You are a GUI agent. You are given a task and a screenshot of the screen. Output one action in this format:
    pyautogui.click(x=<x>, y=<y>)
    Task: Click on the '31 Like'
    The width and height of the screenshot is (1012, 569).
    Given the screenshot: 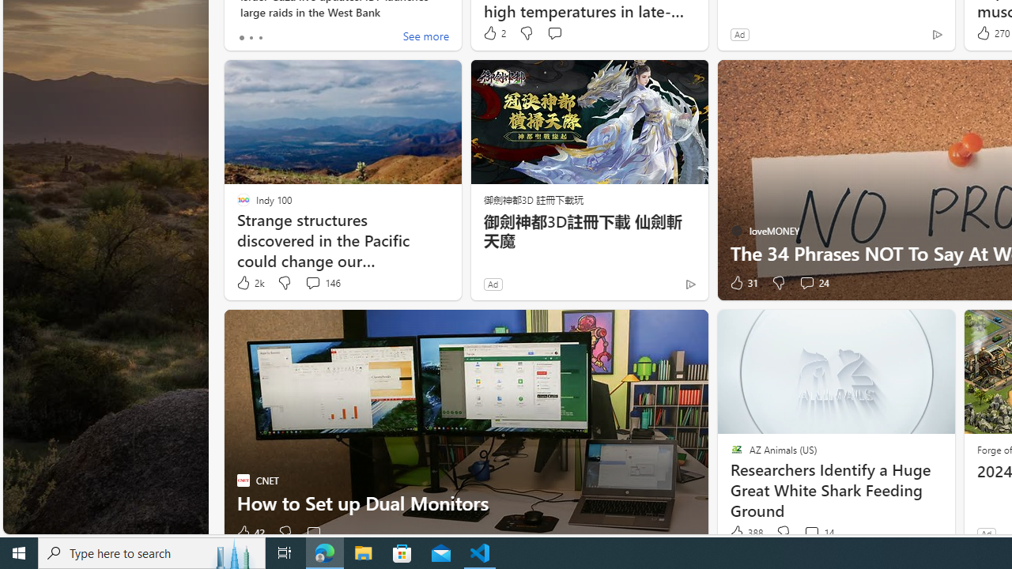 What is the action you would take?
    pyautogui.click(x=742, y=282)
    